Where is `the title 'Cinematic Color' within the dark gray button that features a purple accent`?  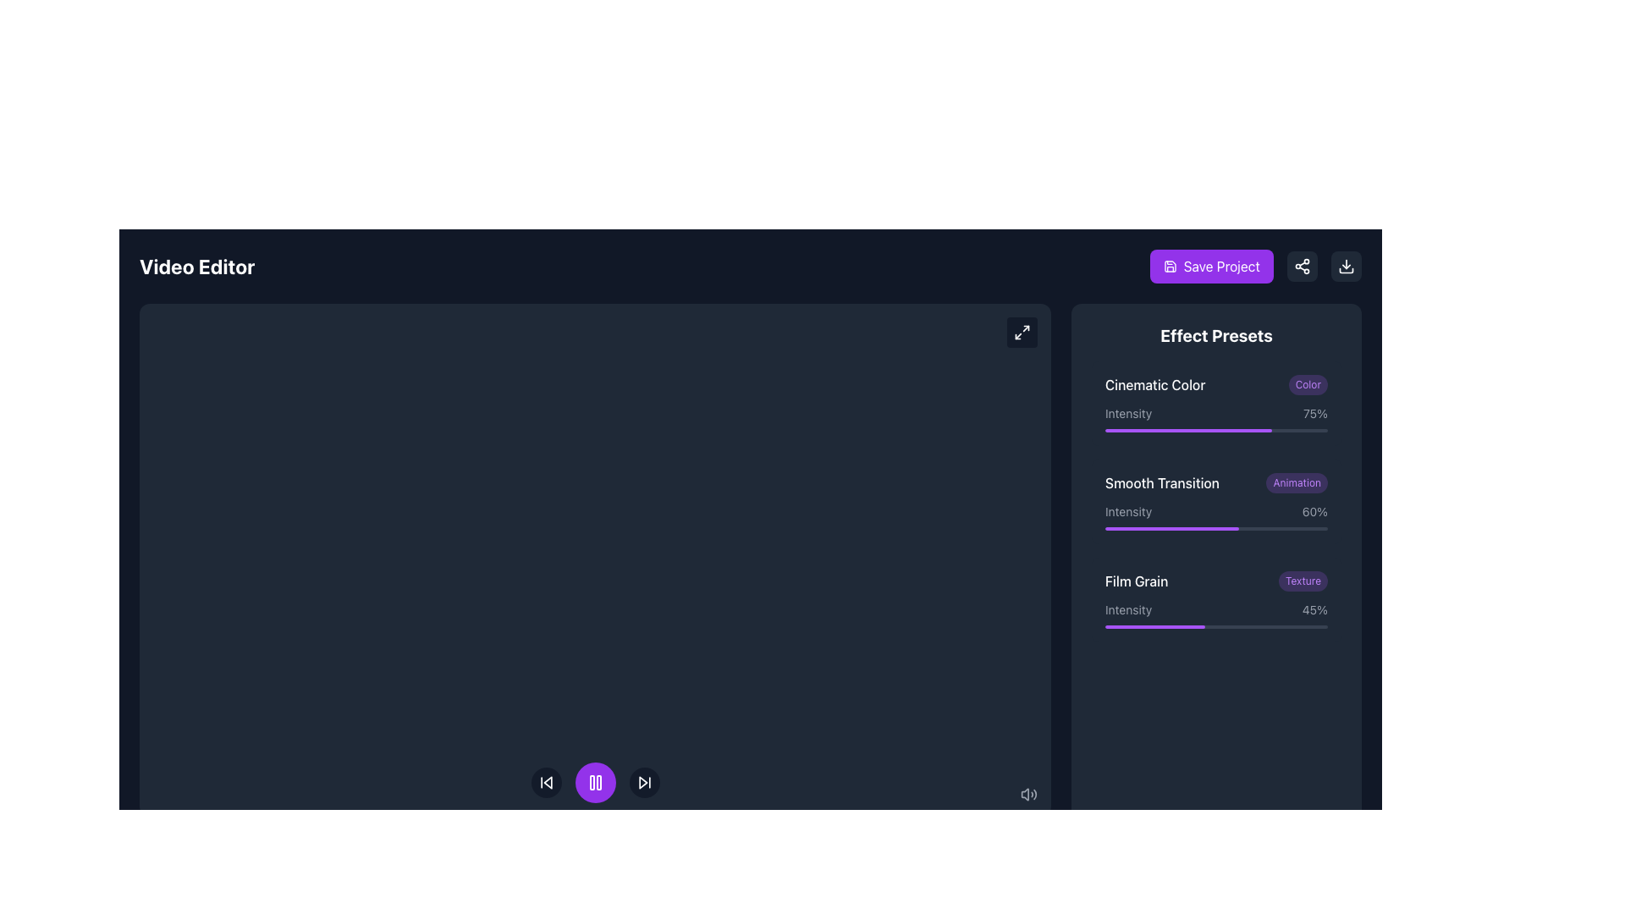 the title 'Cinematic Color' within the dark gray button that features a purple accent is located at coordinates (1215, 404).